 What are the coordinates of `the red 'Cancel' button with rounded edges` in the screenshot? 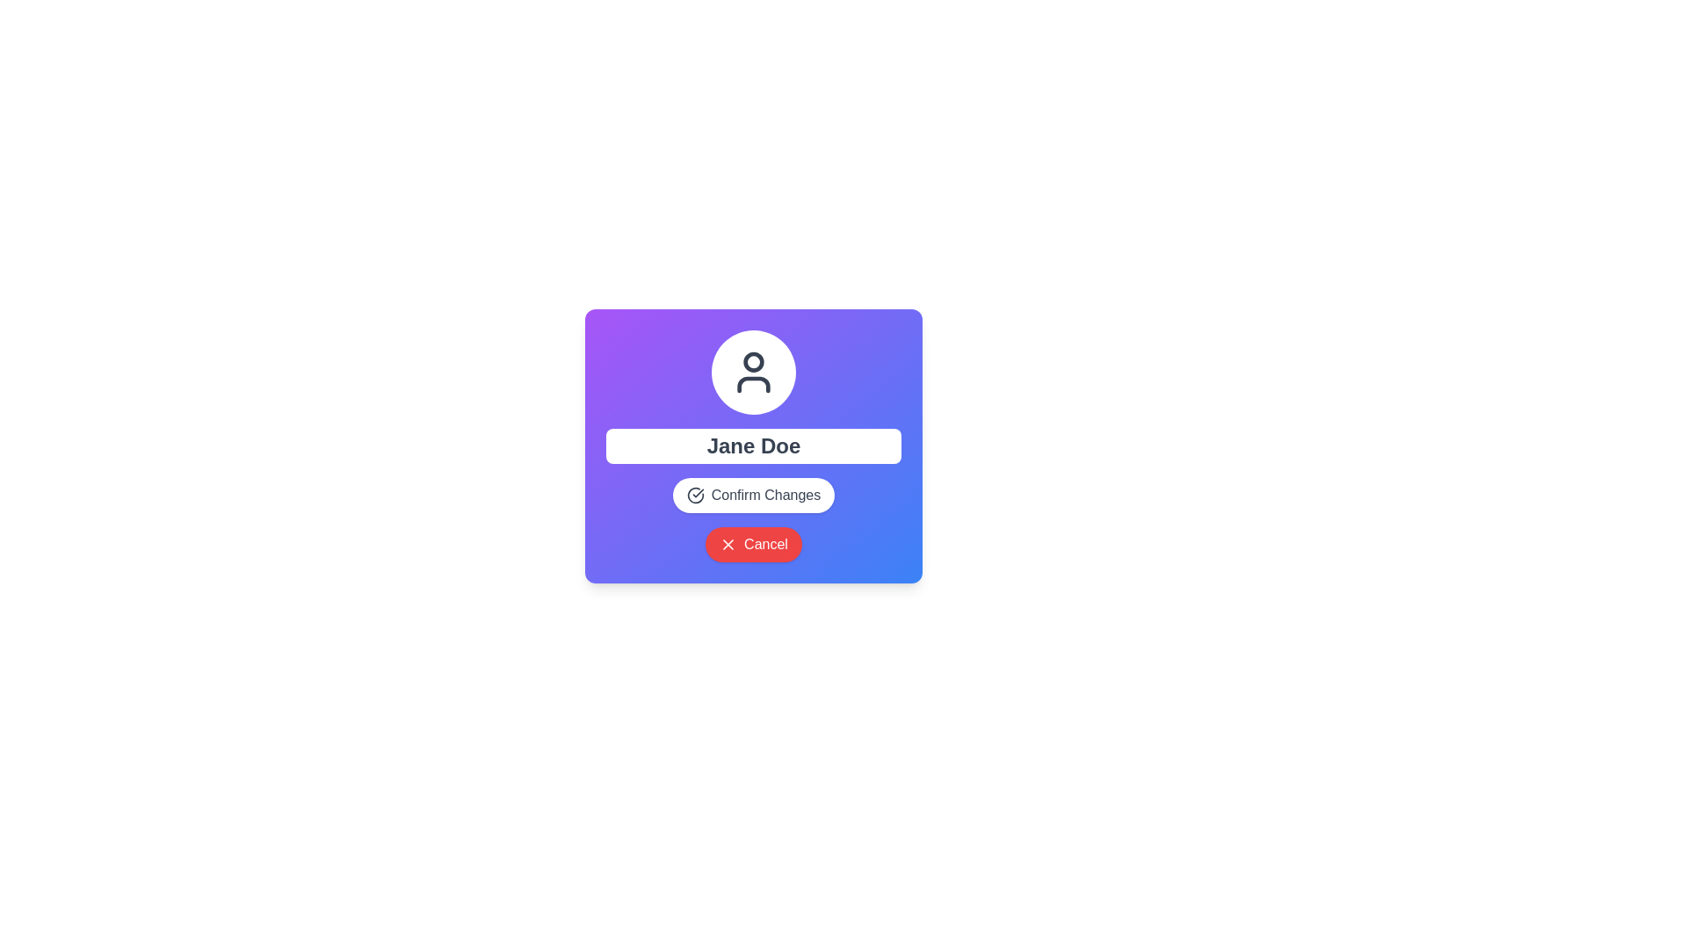 It's located at (754, 544).